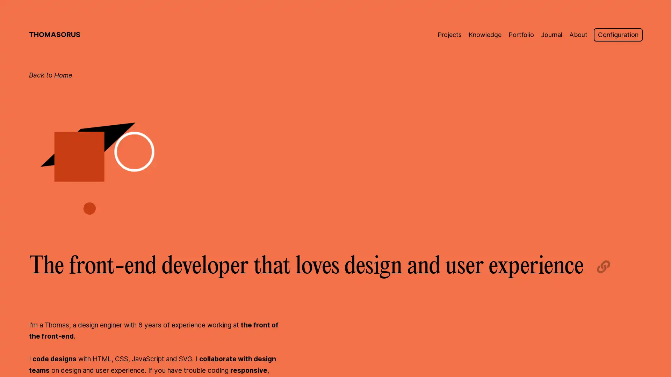 This screenshot has width=671, height=377. Describe the element at coordinates (618, 35) in the screenshot. I see `Configuration` at that location.